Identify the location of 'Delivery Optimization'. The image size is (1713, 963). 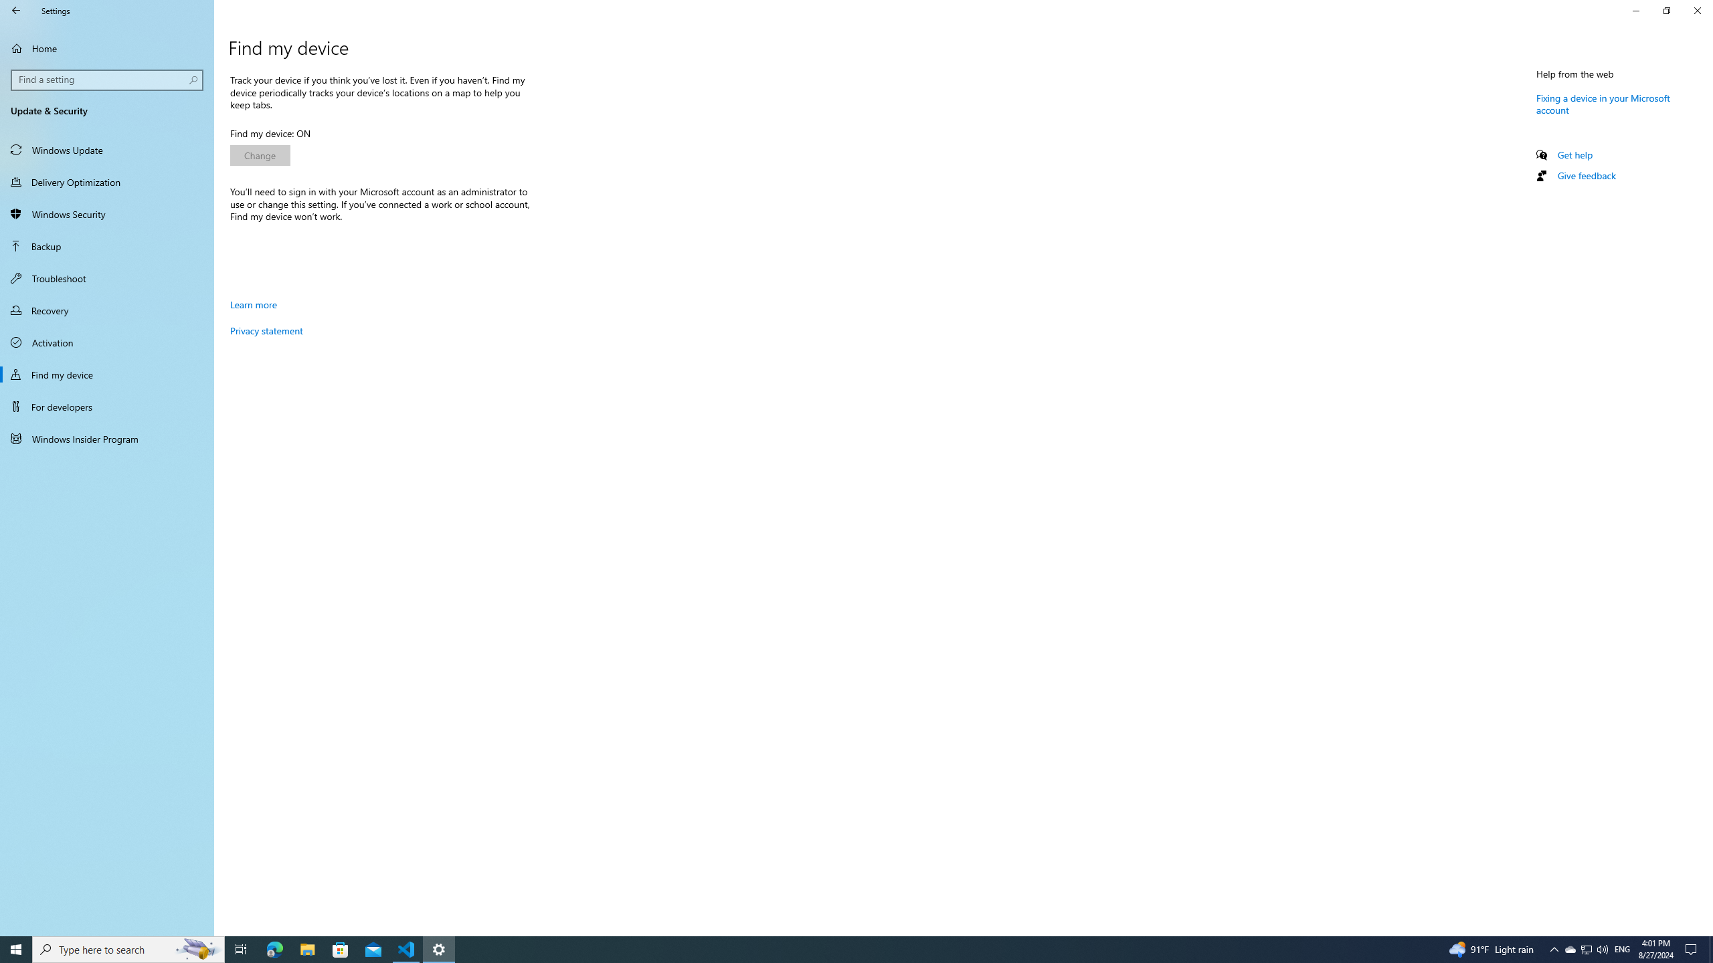
(106, 181).